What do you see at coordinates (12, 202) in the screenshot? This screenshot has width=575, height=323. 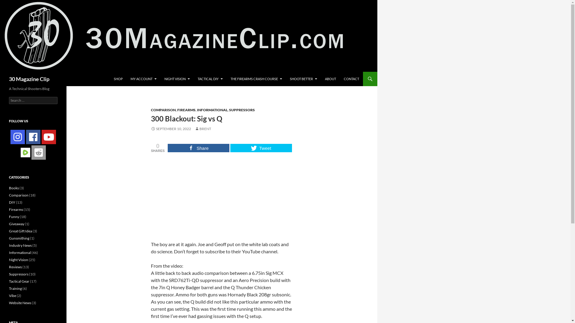 I see `'DIY'` at bounding box center [12, 202].